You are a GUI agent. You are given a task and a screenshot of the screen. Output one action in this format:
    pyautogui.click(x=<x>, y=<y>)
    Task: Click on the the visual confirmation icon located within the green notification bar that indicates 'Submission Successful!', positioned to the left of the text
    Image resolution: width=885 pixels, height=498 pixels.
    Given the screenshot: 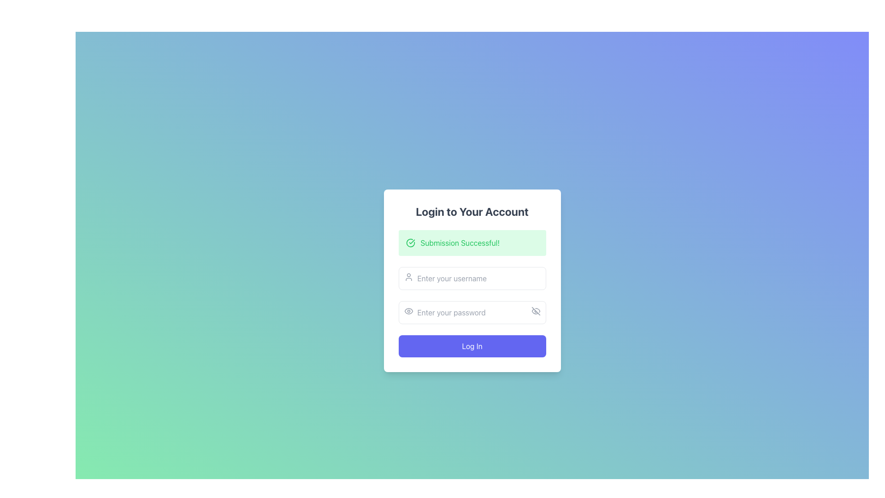 What is the action you would take?
    pyautogui.click(x=410, y=243)
    